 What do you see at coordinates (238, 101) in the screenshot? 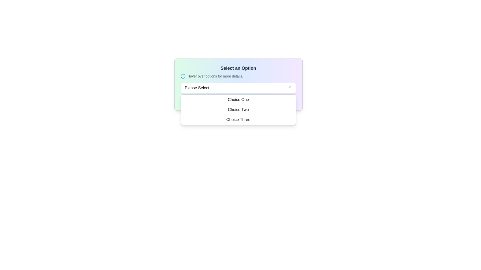
I see `the textual note at the bottom of the dropdown menu that starts with 'Note:' and contains the message 'Make your selection carefully. Hover for additional info.'` at bounding box center [238, 101].